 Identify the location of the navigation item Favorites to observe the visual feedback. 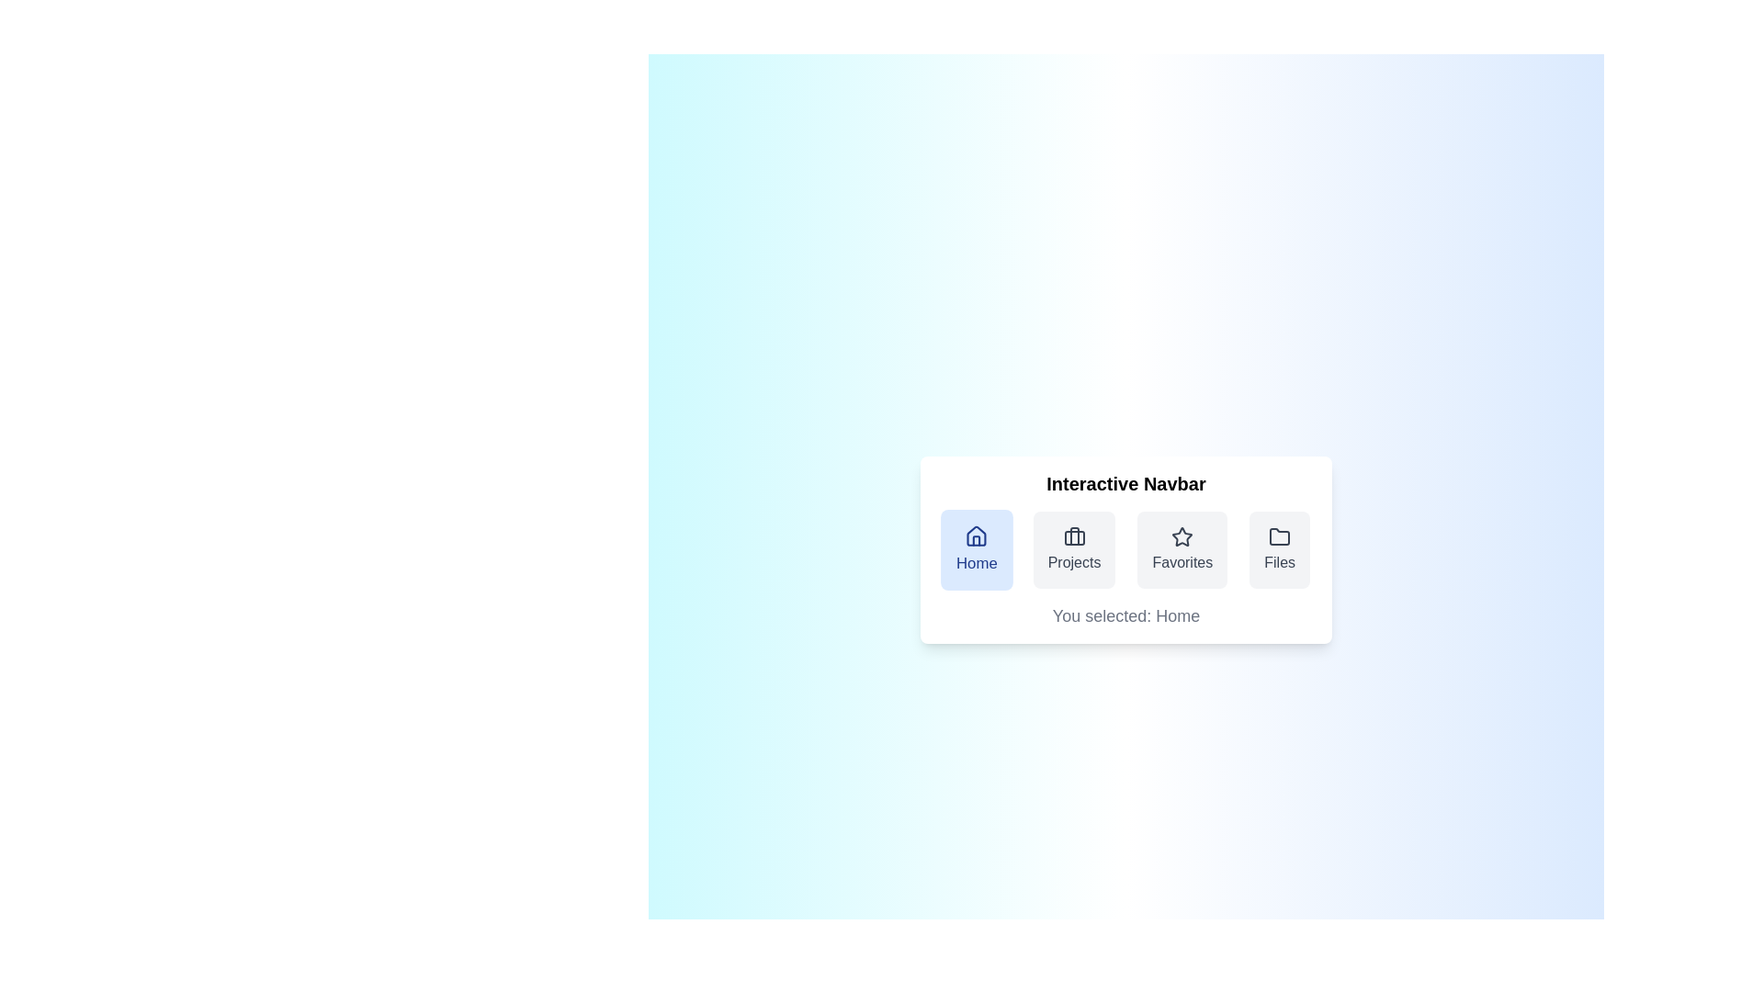
(1182, 548).